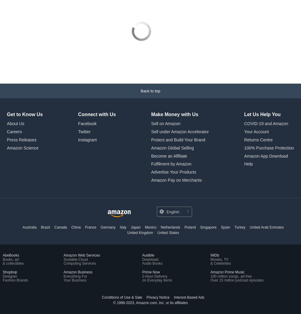 The width and height of the screenshot is (301, 314). I want to click on 'Returns Centre', so click(244, 139).